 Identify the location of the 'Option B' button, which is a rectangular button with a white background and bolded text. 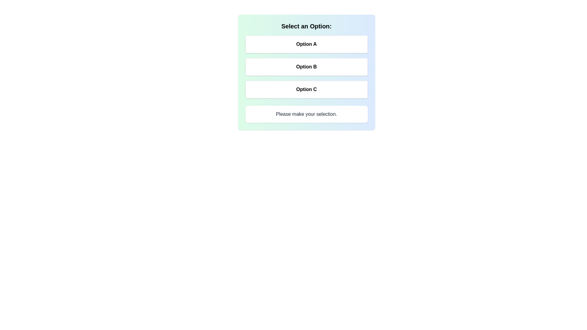
(306, 67).